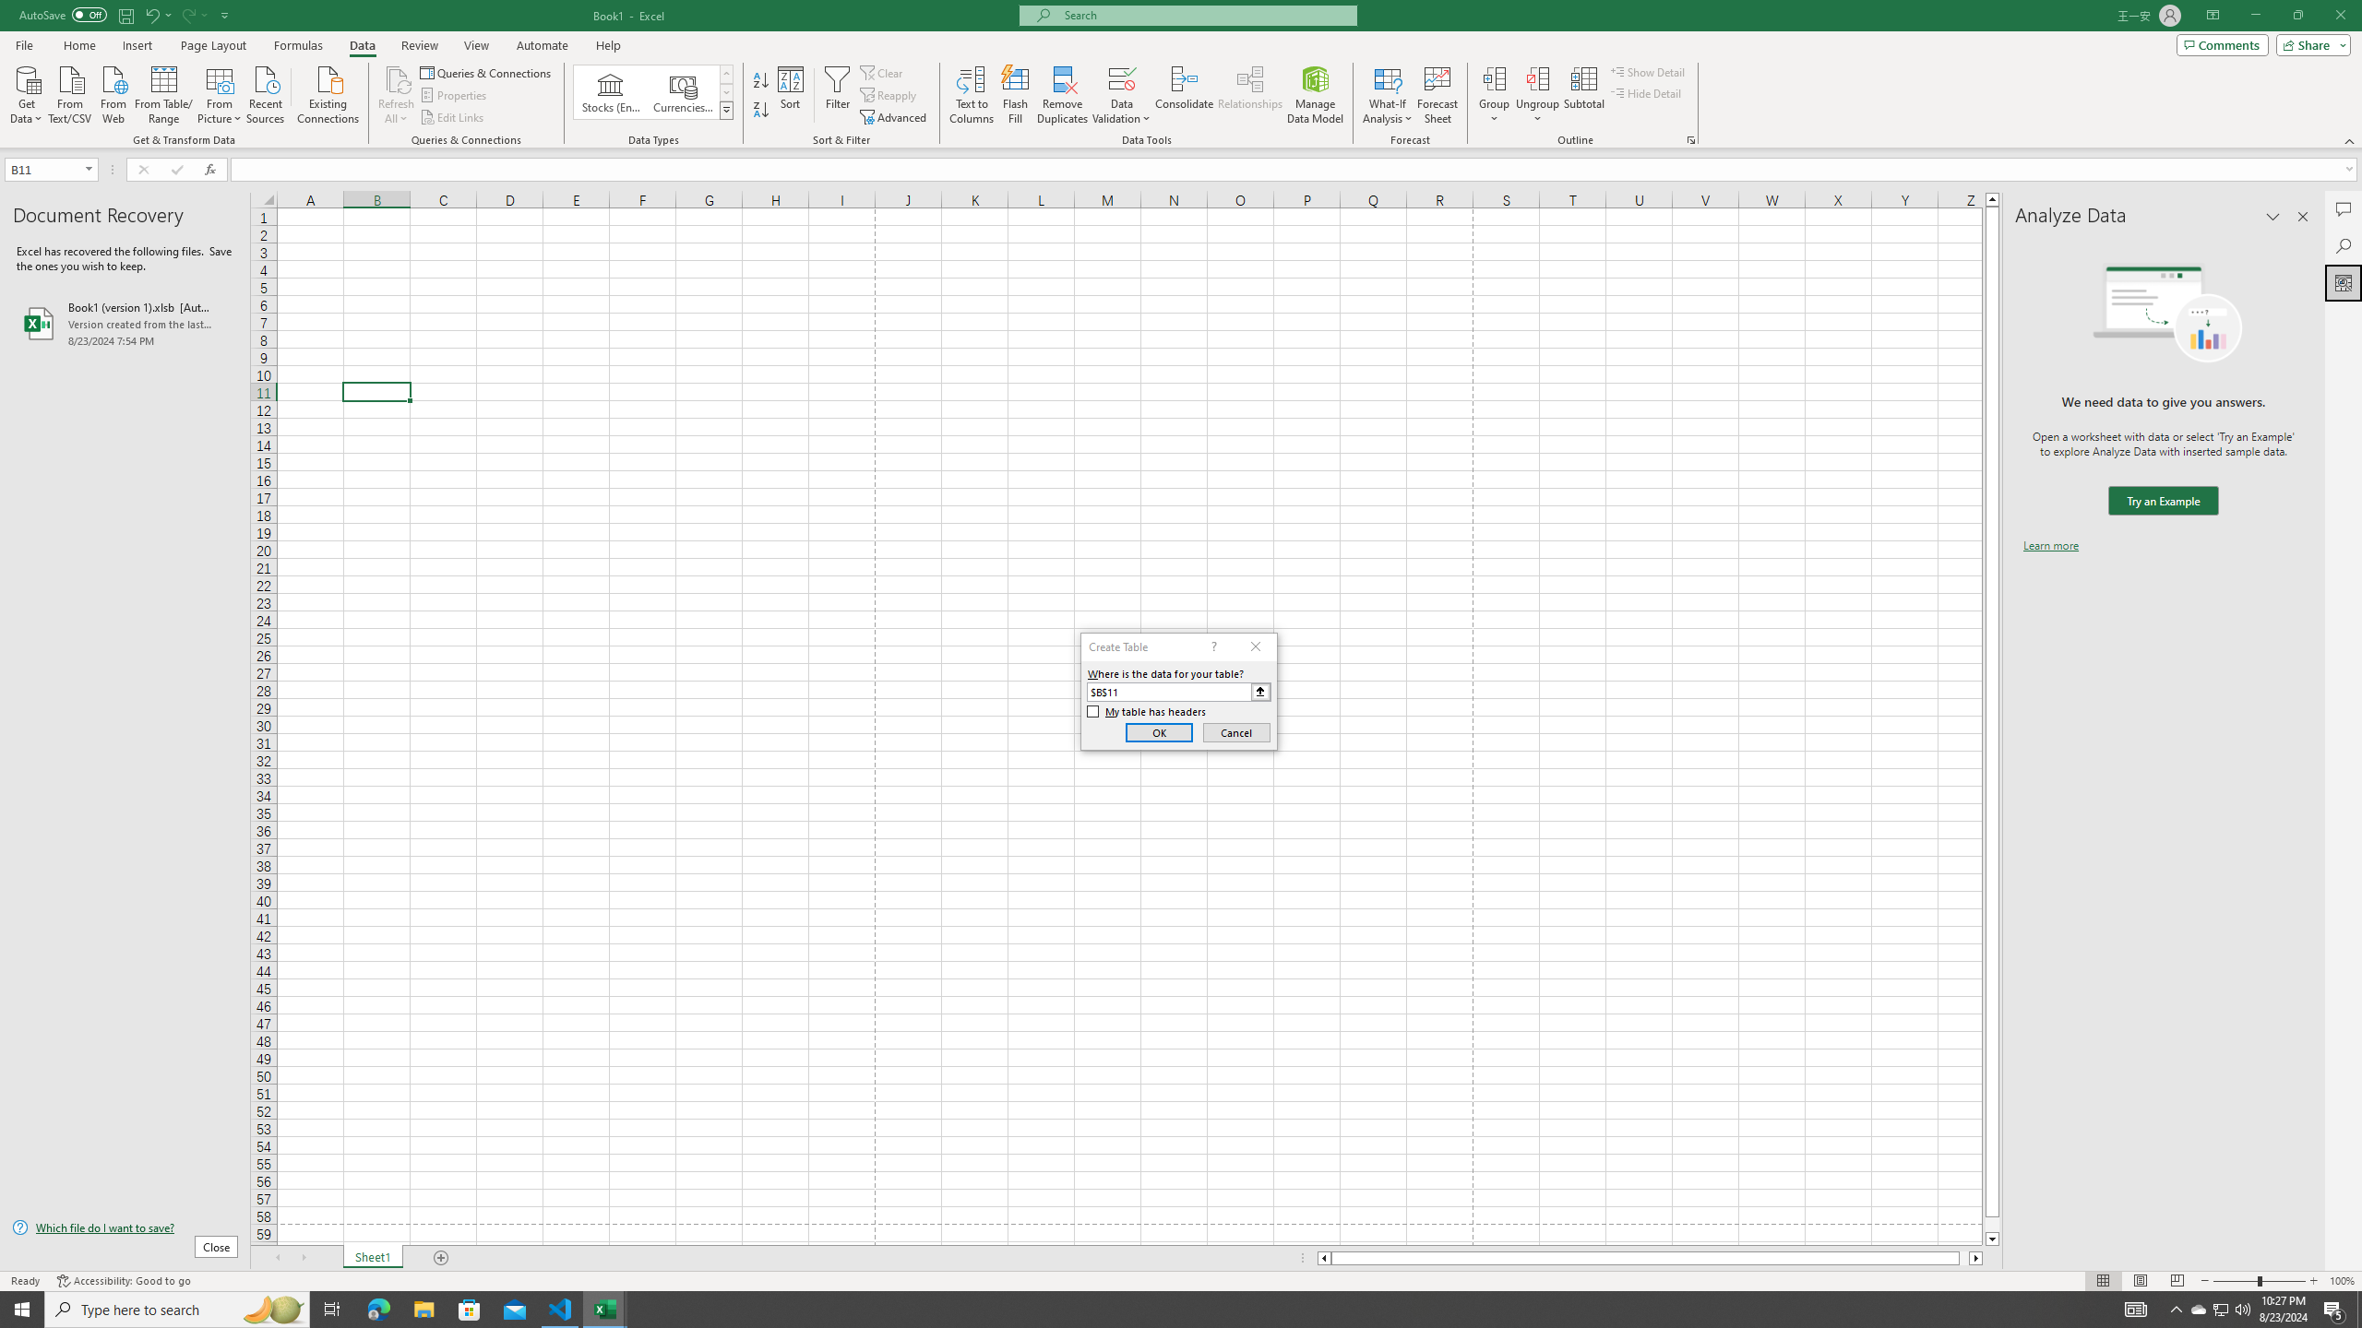  I want to click on 'Sort Z to A', so click(760, 109).